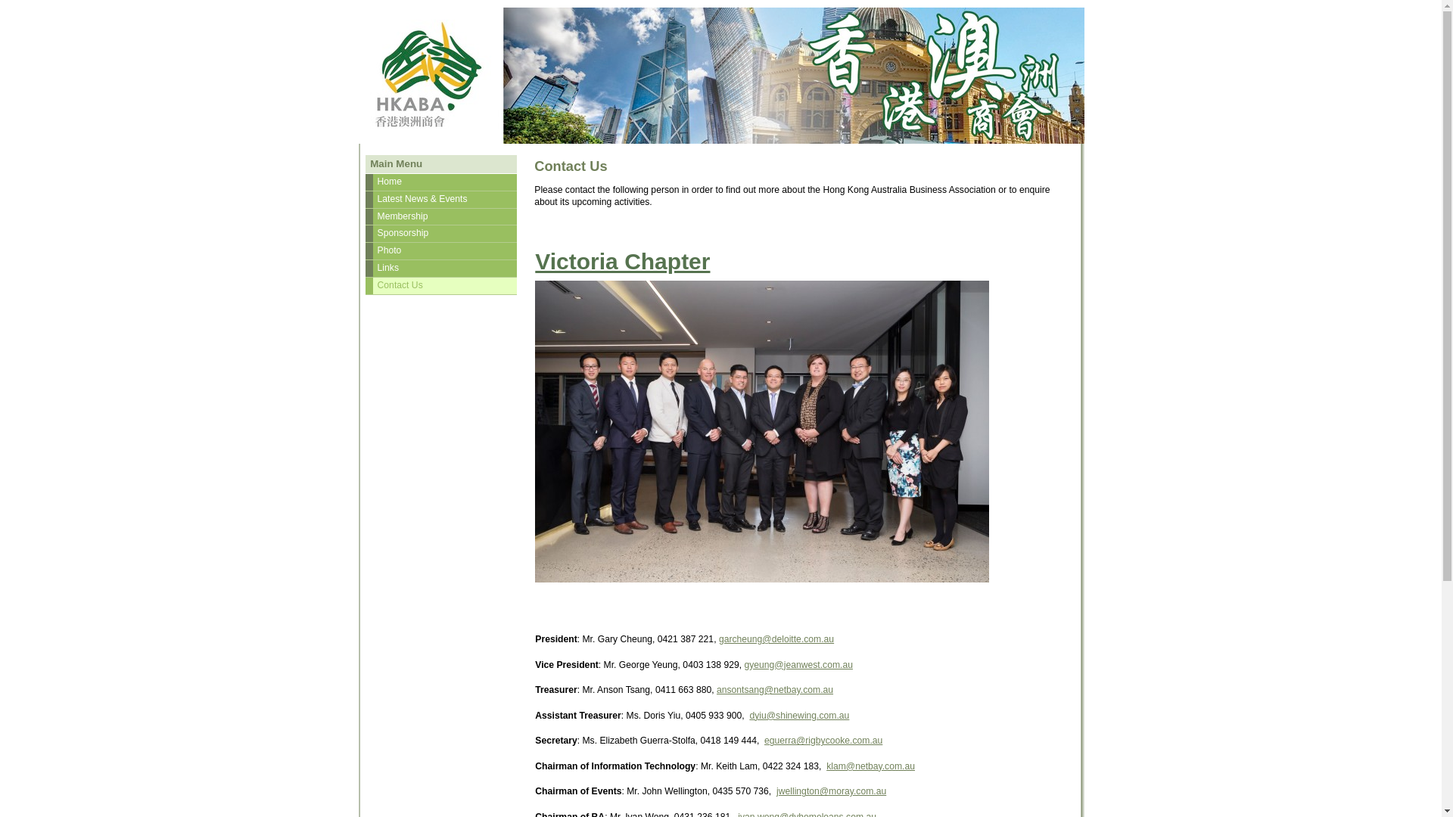 The width and height of the screenshot is (1453, 817). What do you see at coordinates (797, 664) in the screenshot?
I see `'gyeung@jeanwest.com.au'` at bounding box center [797, 664].